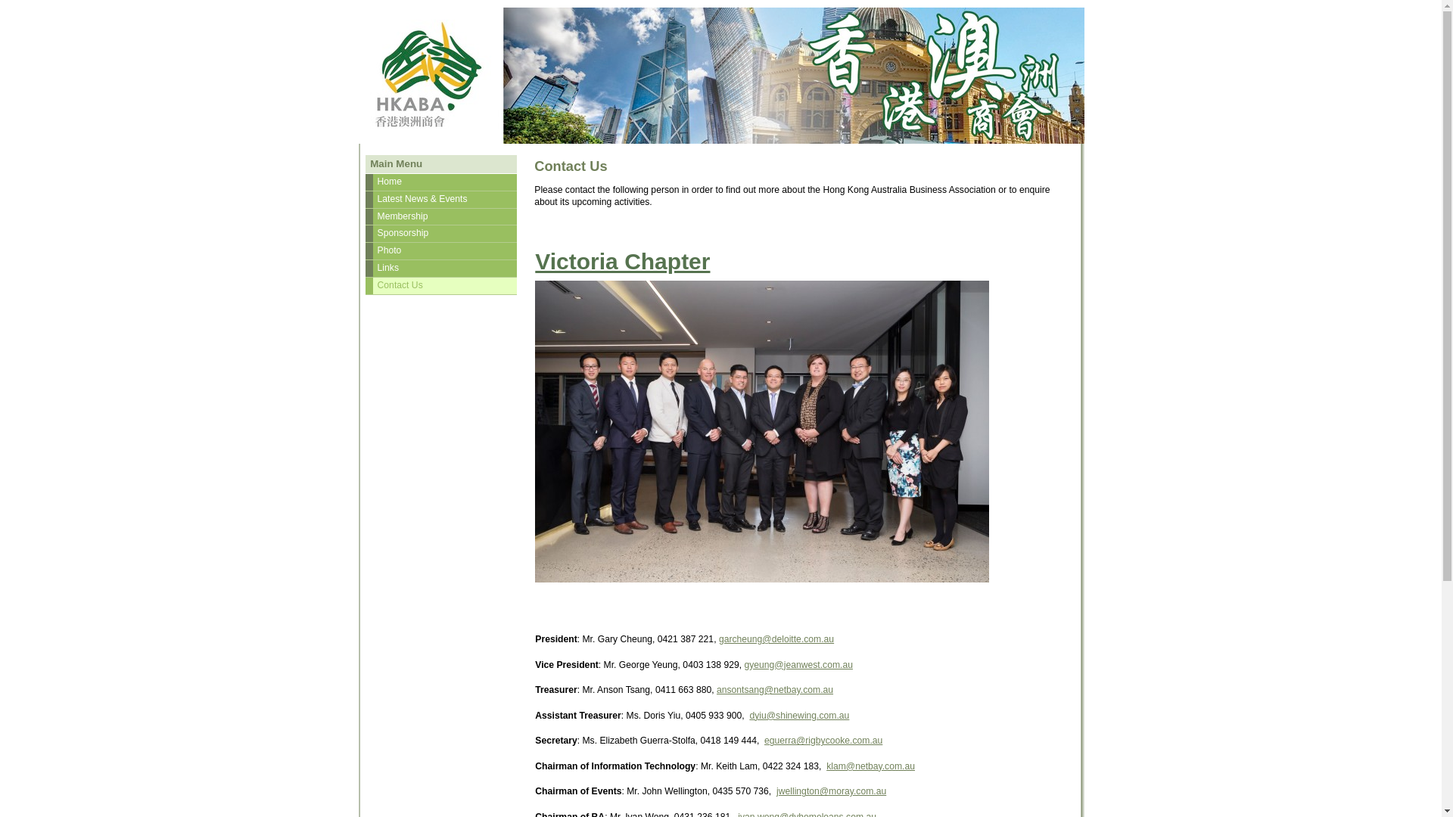 The width and height of the screenshot is (1453, 817). What do you see at coordinates (797, 664) in the screenshot?
I see `'gyeung@jeanwest.com.au'` at bounding box center [797, 664].